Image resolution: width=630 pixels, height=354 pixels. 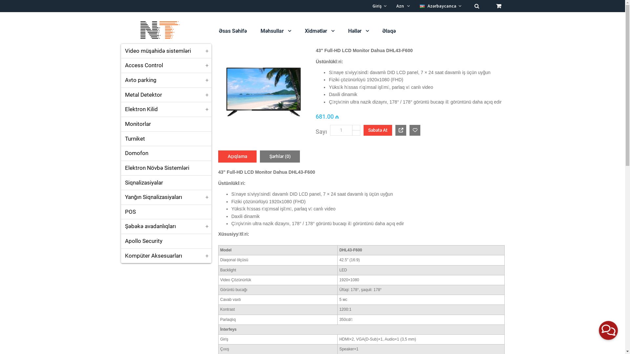 I want to click on 'Network Technologies', so click(x=121, y=30).